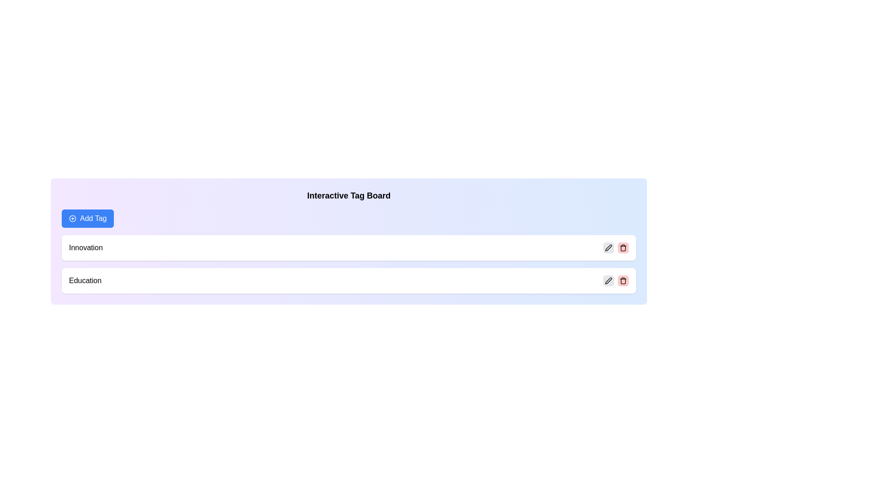 This screenshot has height=494, width=878. I want to click on trash icon for the tag Education to remove it, so click(623, 280).